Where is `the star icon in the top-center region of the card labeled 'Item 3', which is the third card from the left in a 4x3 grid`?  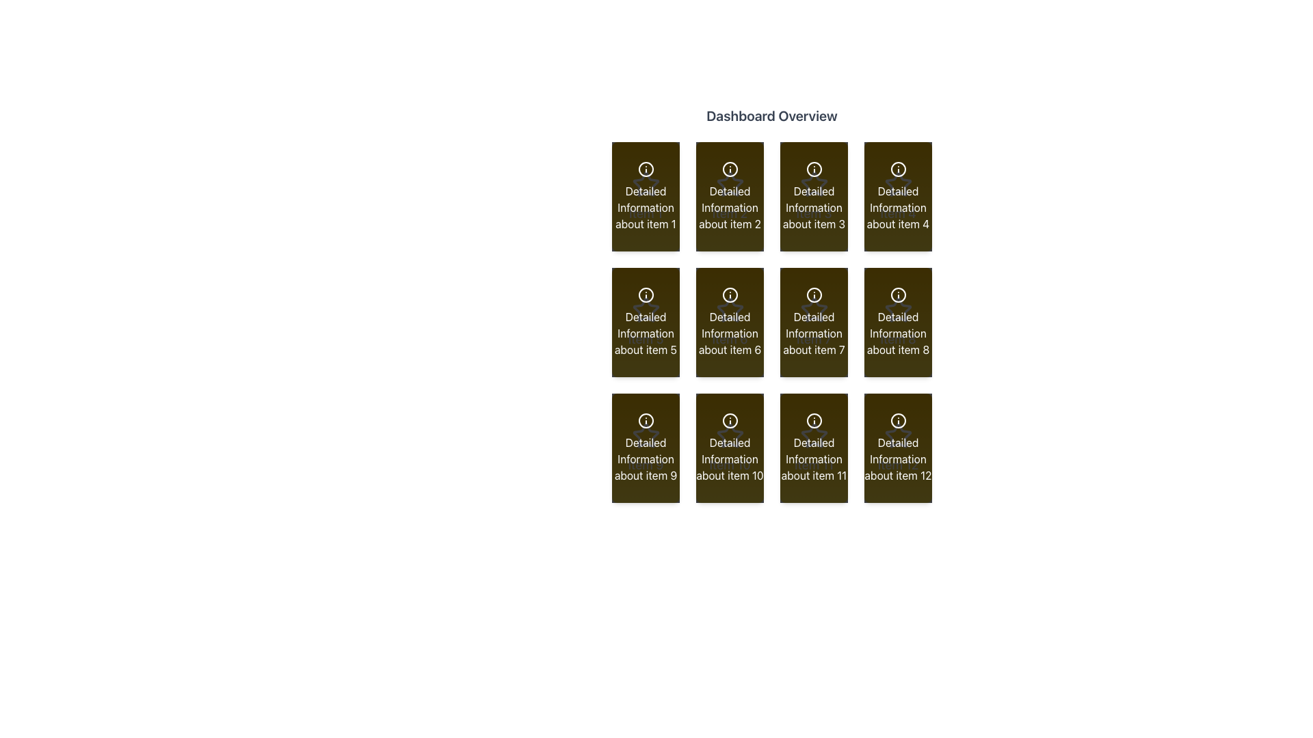 the star icon in the top-center region of the card labeled 'Item 3', which is the third card from the left in a 4x3 grid is located at coordinates (814, 184).